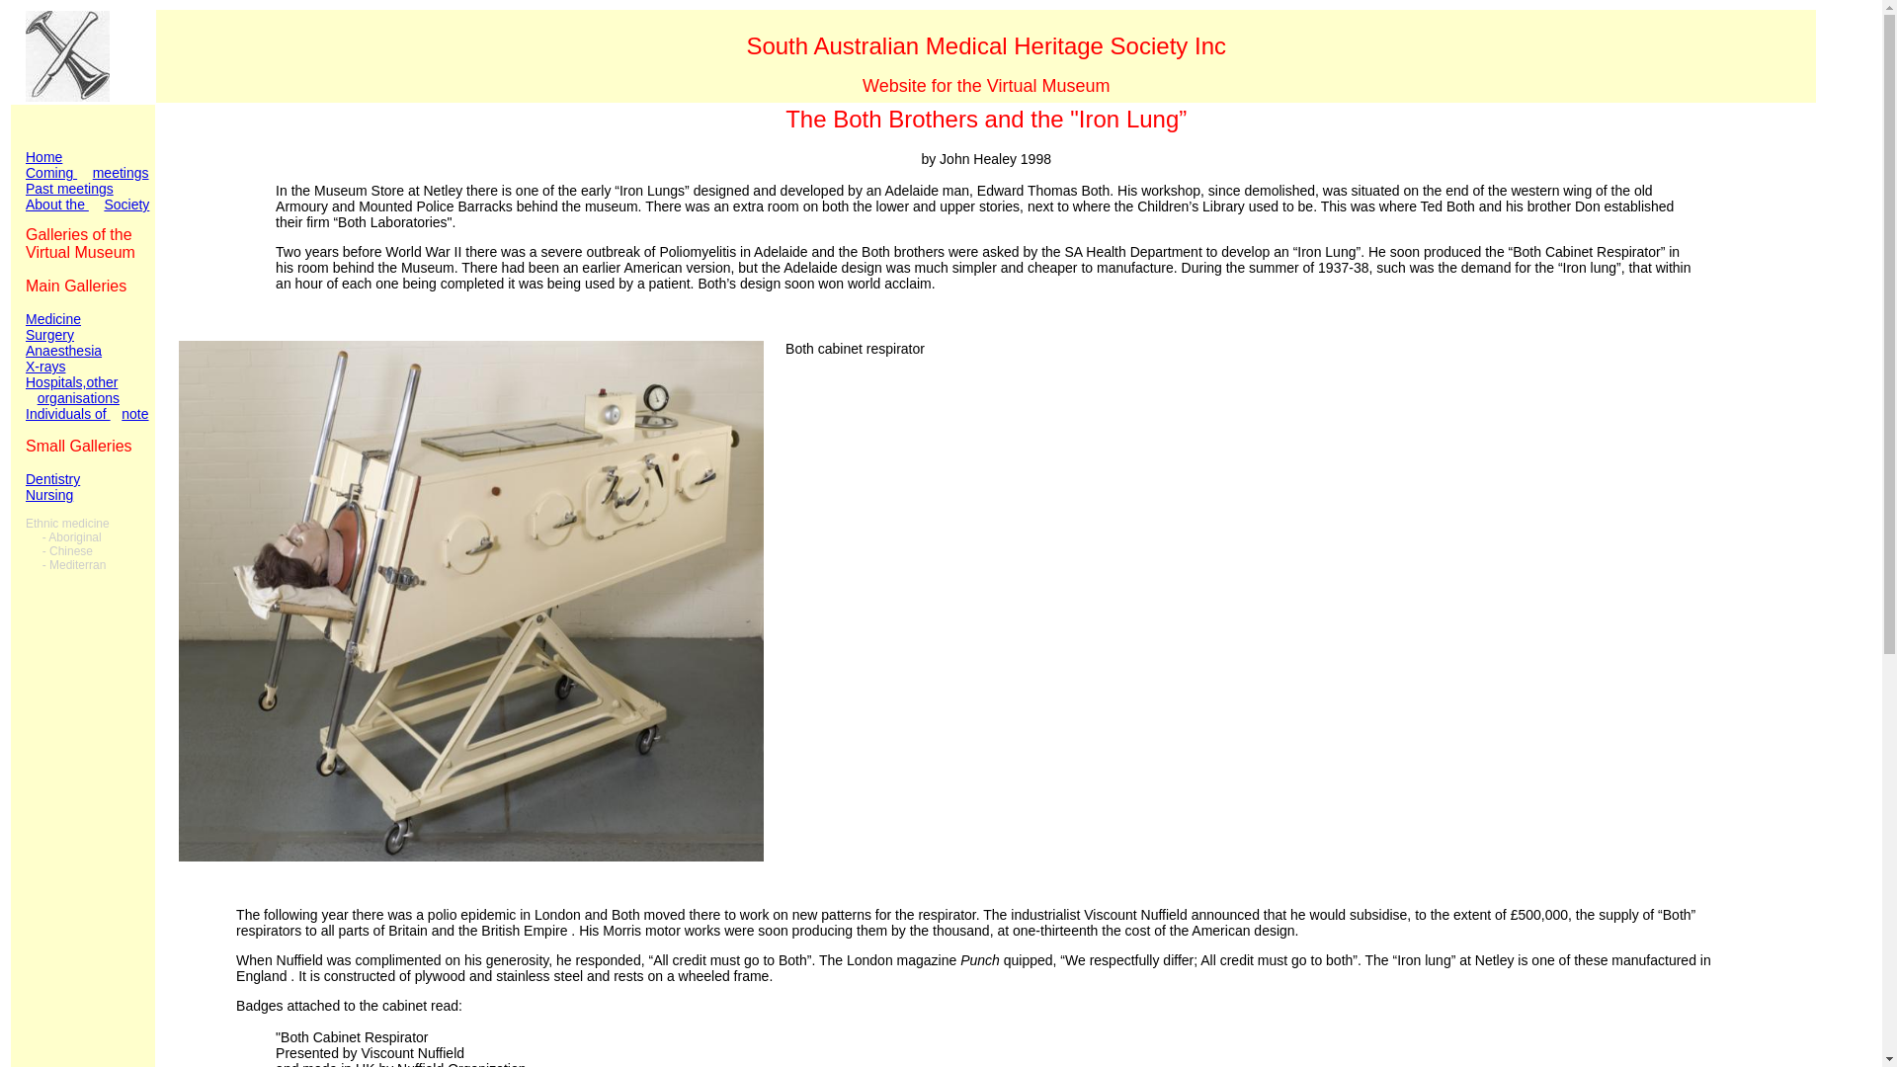  I want to click on 'note', so click(121, 413).